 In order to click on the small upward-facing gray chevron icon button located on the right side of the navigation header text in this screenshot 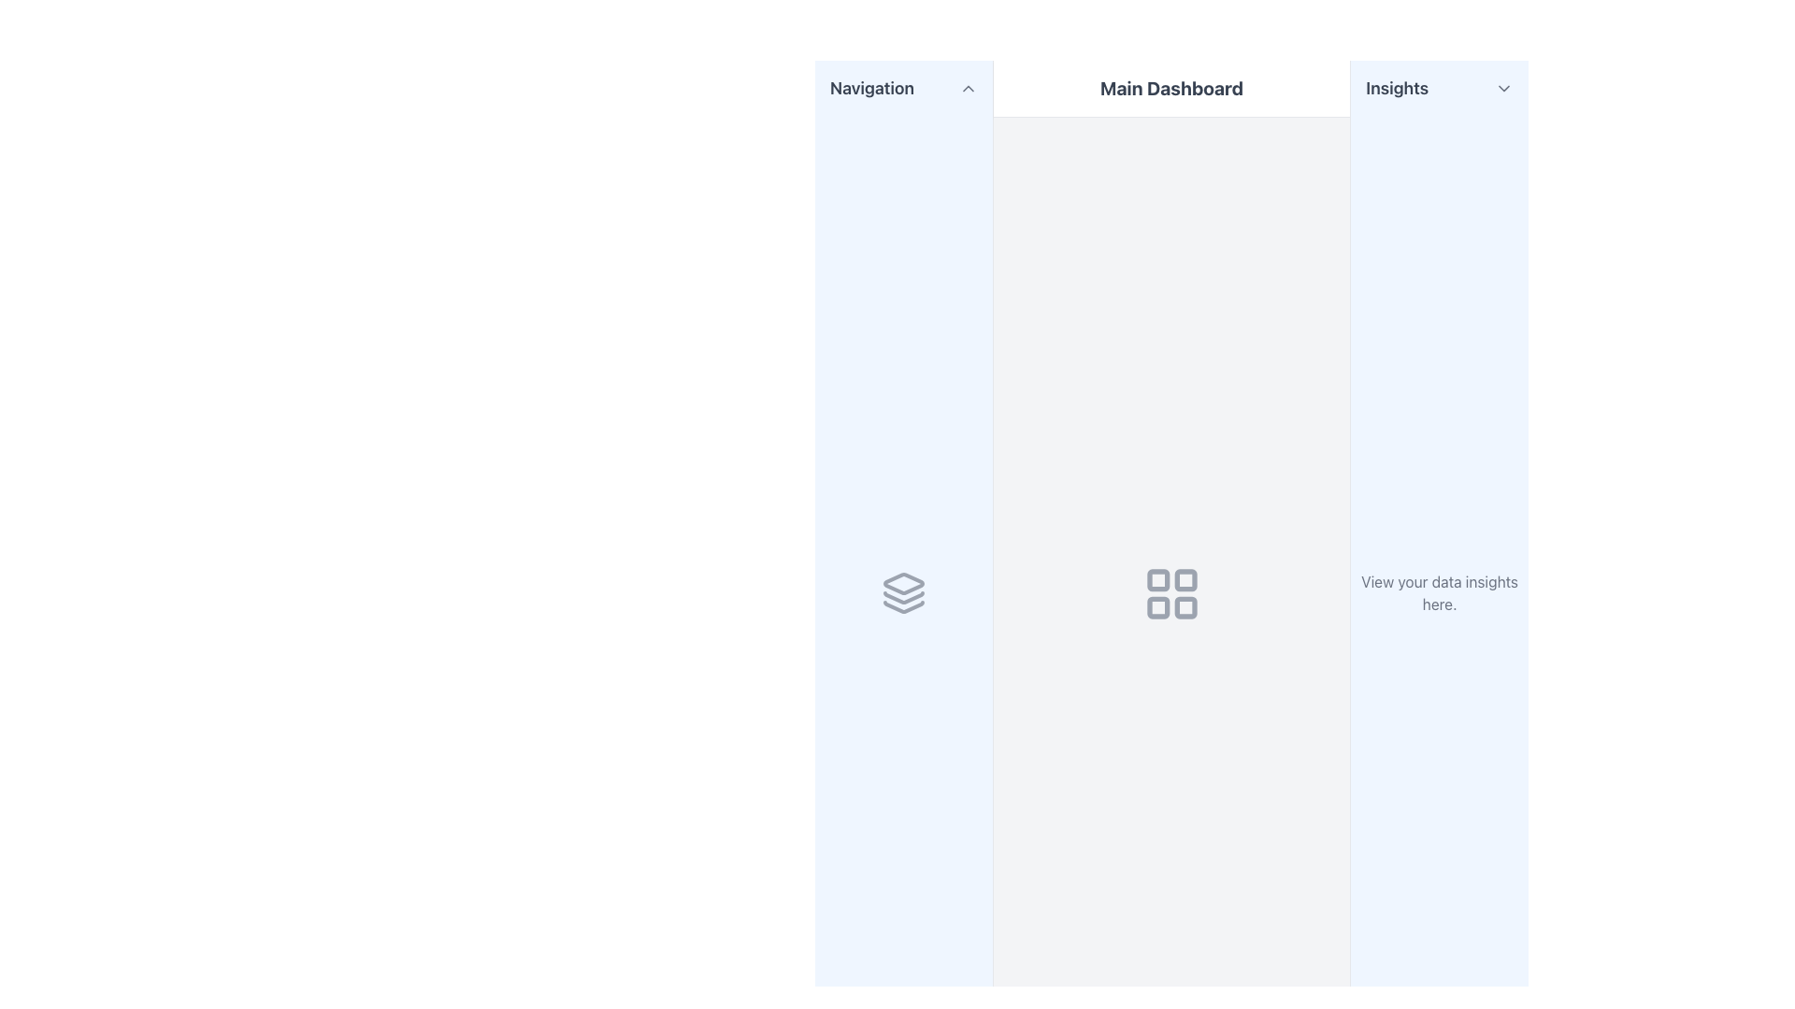, I will do `click(968, 89)`.